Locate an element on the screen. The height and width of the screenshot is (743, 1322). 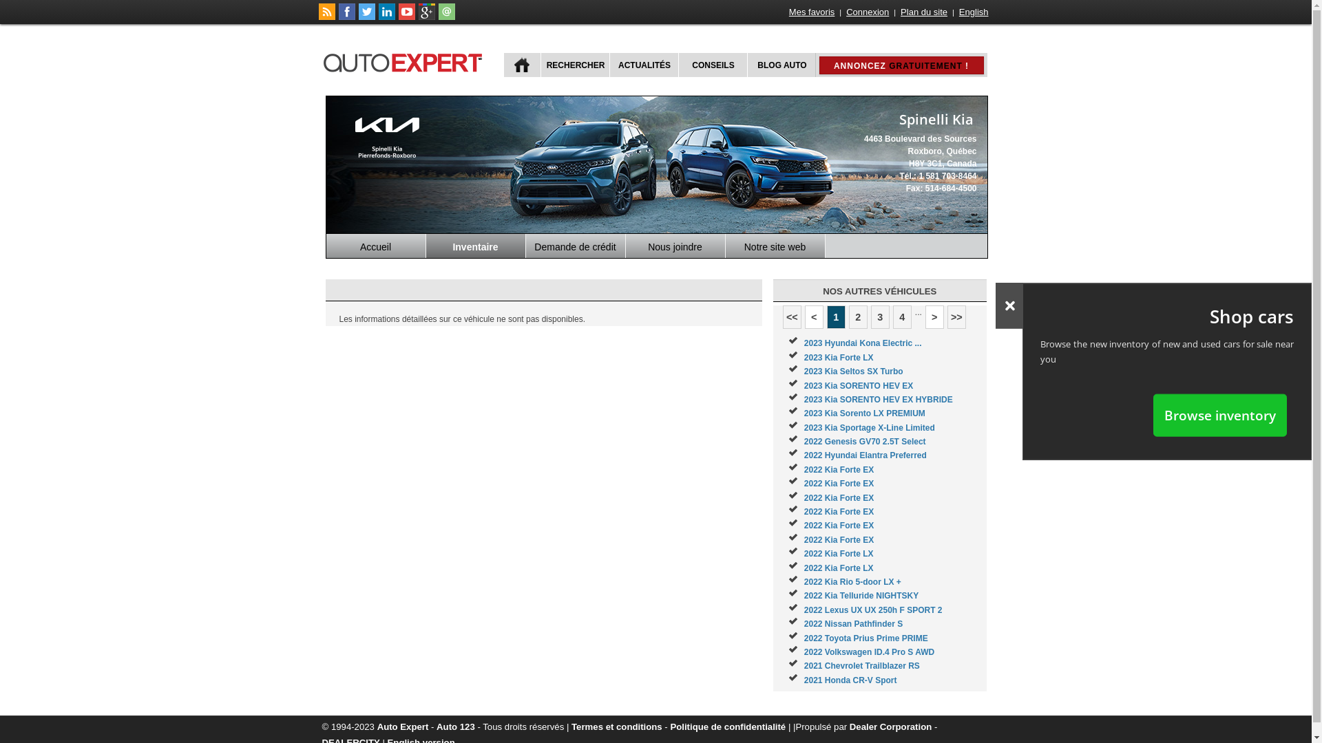
'Accueil' is located at coordinates (326, 245).